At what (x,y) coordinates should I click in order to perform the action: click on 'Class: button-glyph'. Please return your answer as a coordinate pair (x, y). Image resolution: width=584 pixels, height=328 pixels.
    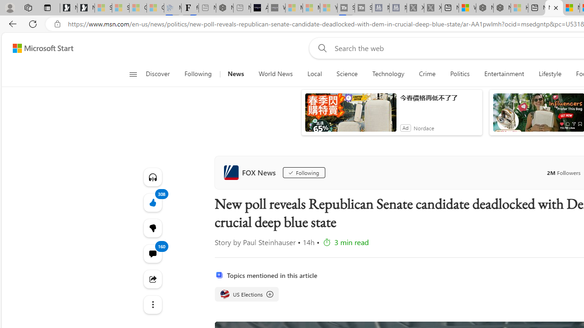
    Looking at the image, I should click on (132, 74).